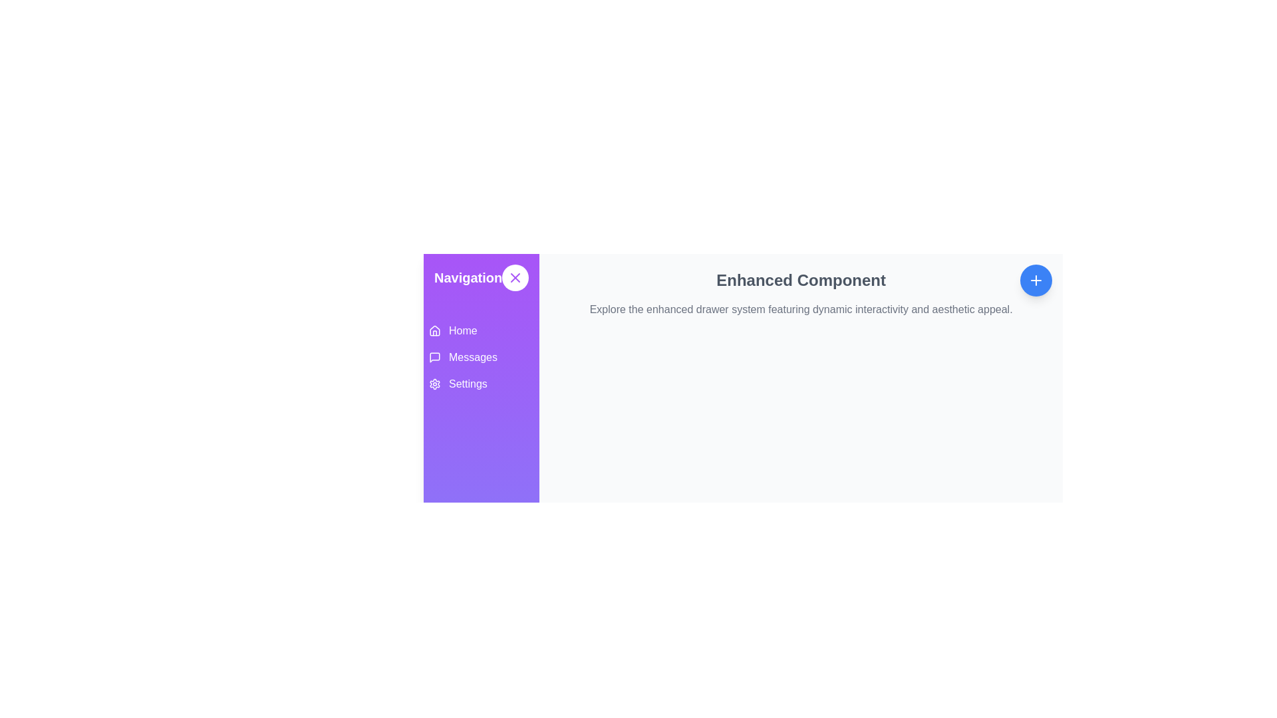 Image resolution: width=1277 pixels, height=718 pixels. I want to click on the text label that provides descriptive information about the enhanced drawer system, located in the center-right of the application interface, below the header 'Enhanced Component', so click(800, 310).